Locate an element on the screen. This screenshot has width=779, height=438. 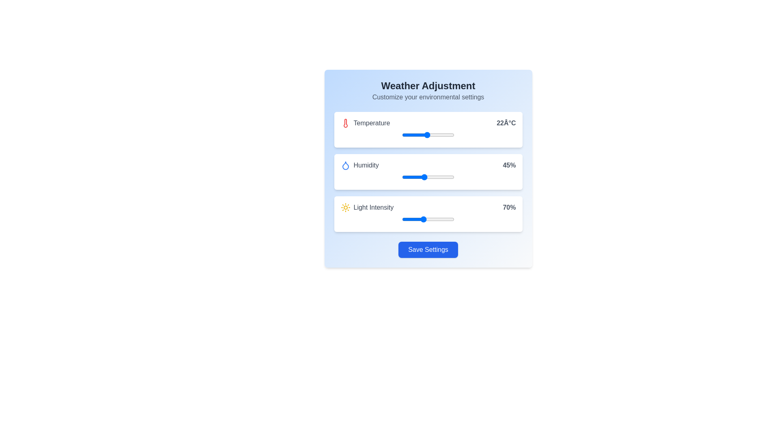
the humidity level is located at coordinates (417, 176).